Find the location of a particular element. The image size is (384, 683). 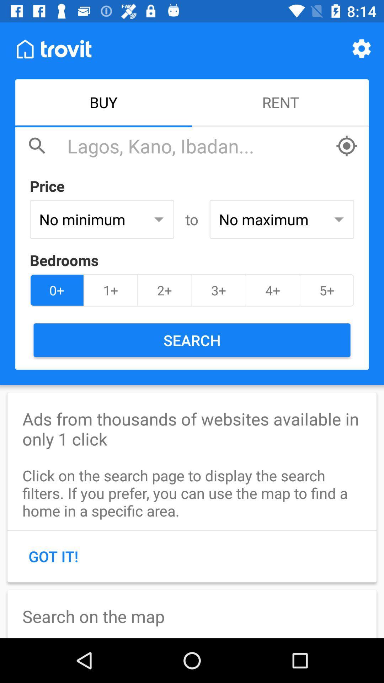

icon to the right of 2+ is located at coordinates (218, 290).